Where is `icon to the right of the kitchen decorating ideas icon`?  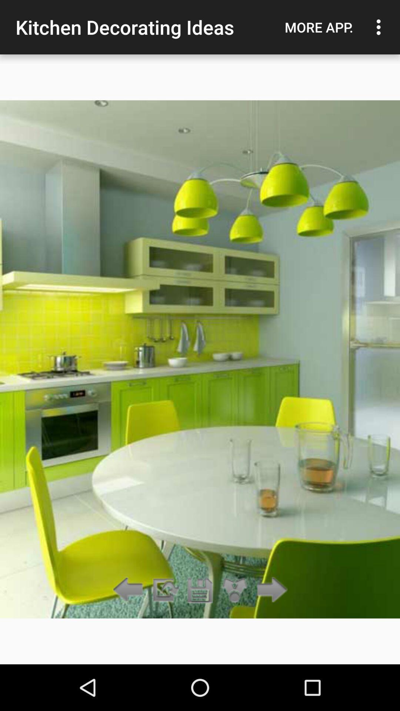
icon to the right of the kitchen decorating ideas icon is located at coordinates (319, 27).